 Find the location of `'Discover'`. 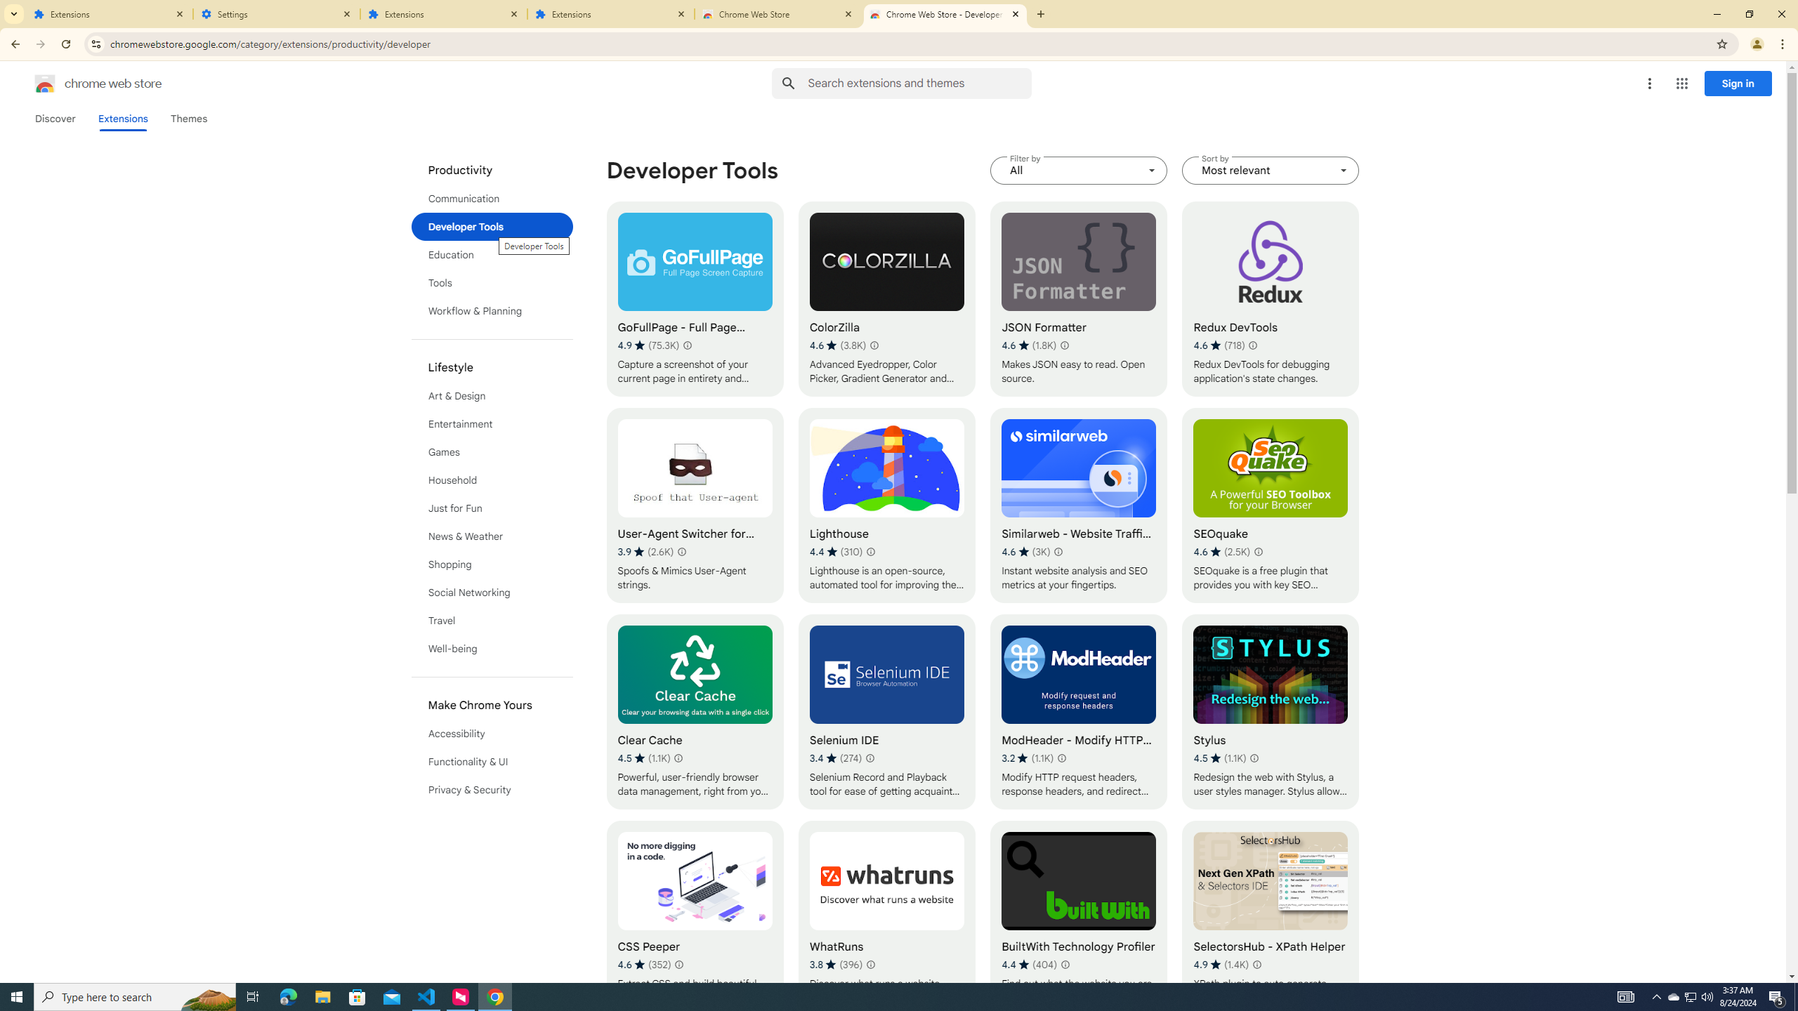

'Discover' is located at coordinates (54, 118).